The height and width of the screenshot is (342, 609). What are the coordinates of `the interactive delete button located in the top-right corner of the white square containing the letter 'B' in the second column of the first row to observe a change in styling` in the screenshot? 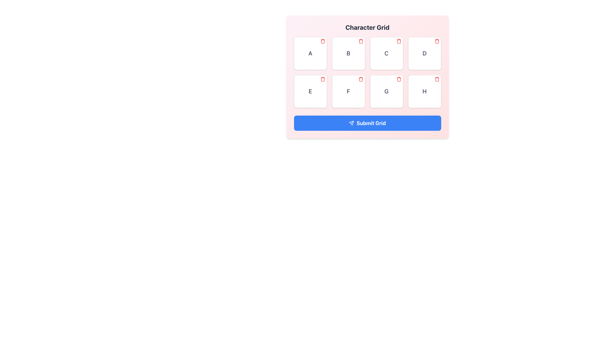 It's located at (361, 41).